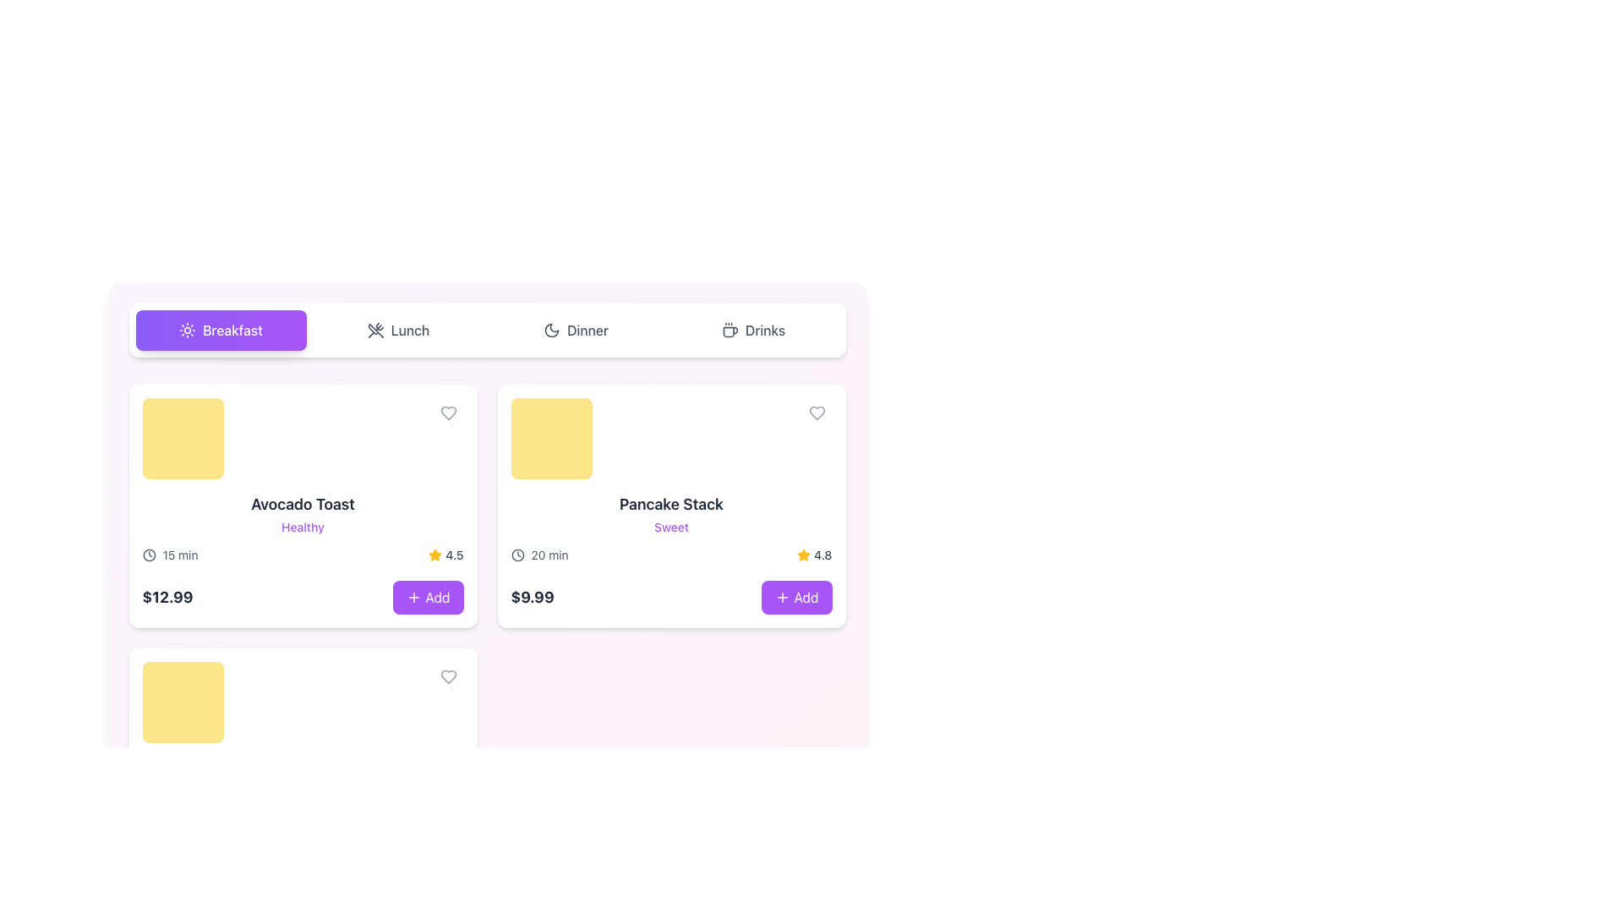 The image size is (1623, 913). What do you see at coordinates (445, 555) in the screenshot?
I see `the Rating display located at the bottom-right corner of the 'Avocado Toast' card, adjacent to the 'Add' button beneath the text 'Healthy'` at bounding box center [445, 555].